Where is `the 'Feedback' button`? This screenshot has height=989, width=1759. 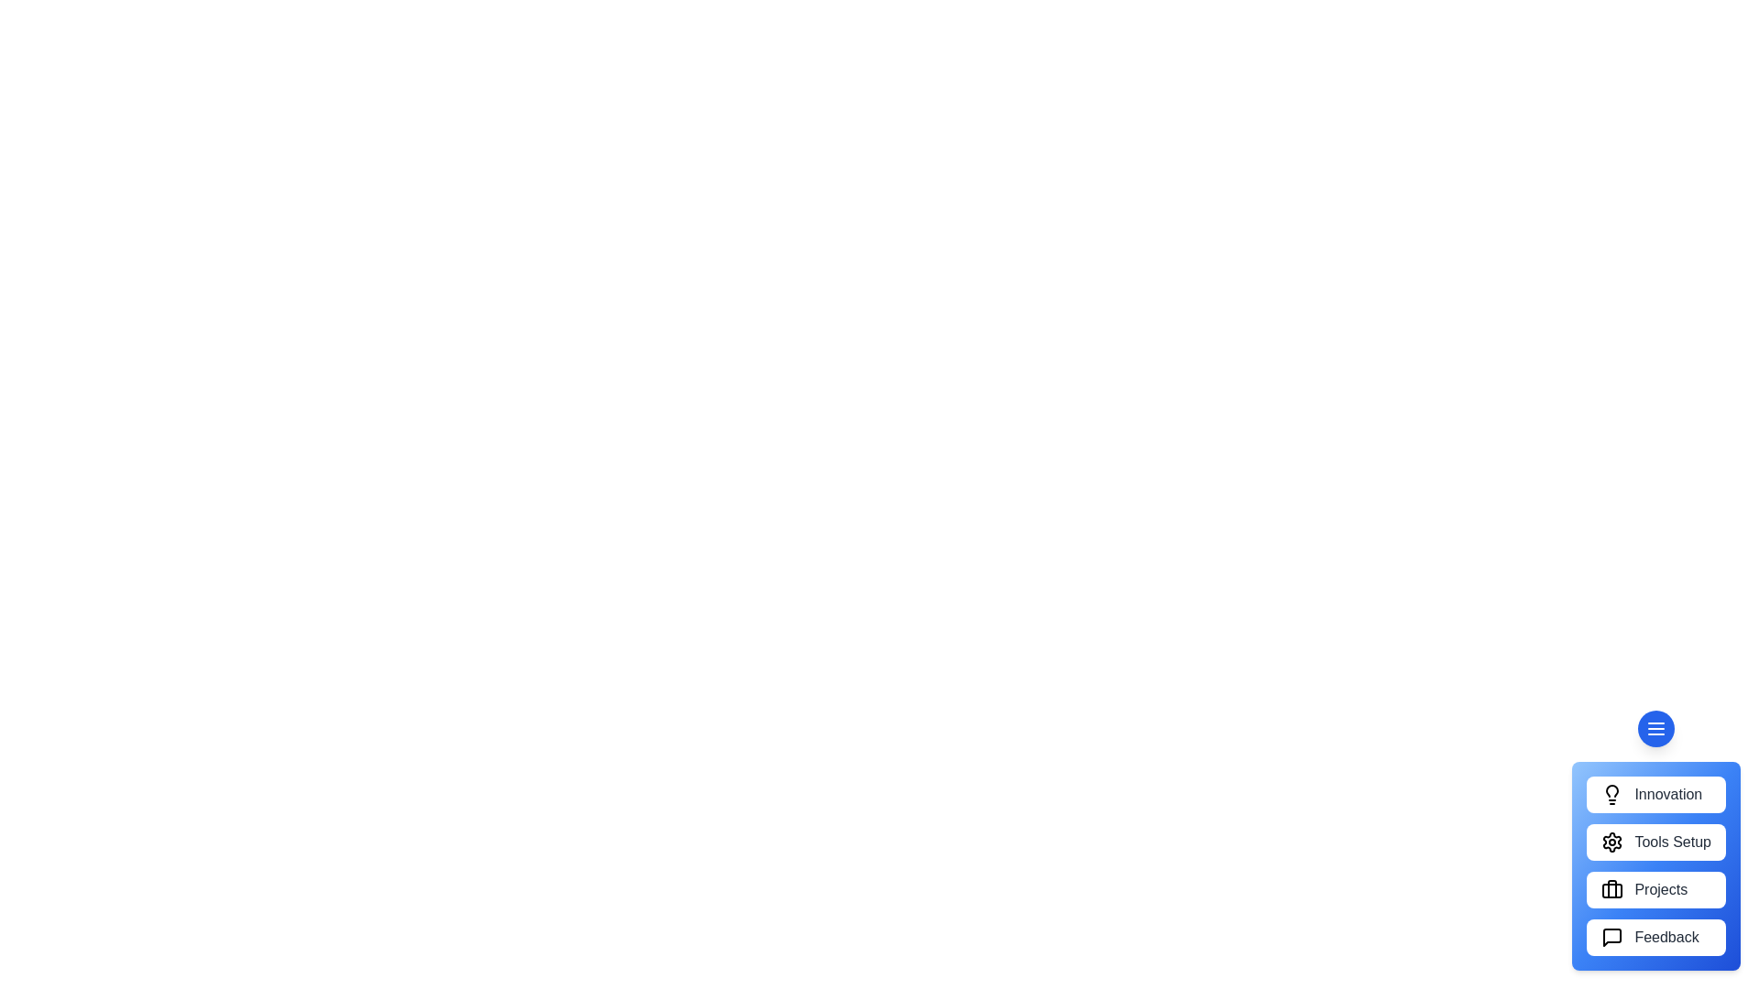
the 'Feedback' button is located at coordinates (1656, 937).